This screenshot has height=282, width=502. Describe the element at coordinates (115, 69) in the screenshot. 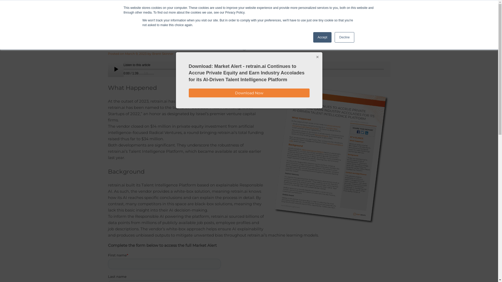

I see `'pause'` at that location.